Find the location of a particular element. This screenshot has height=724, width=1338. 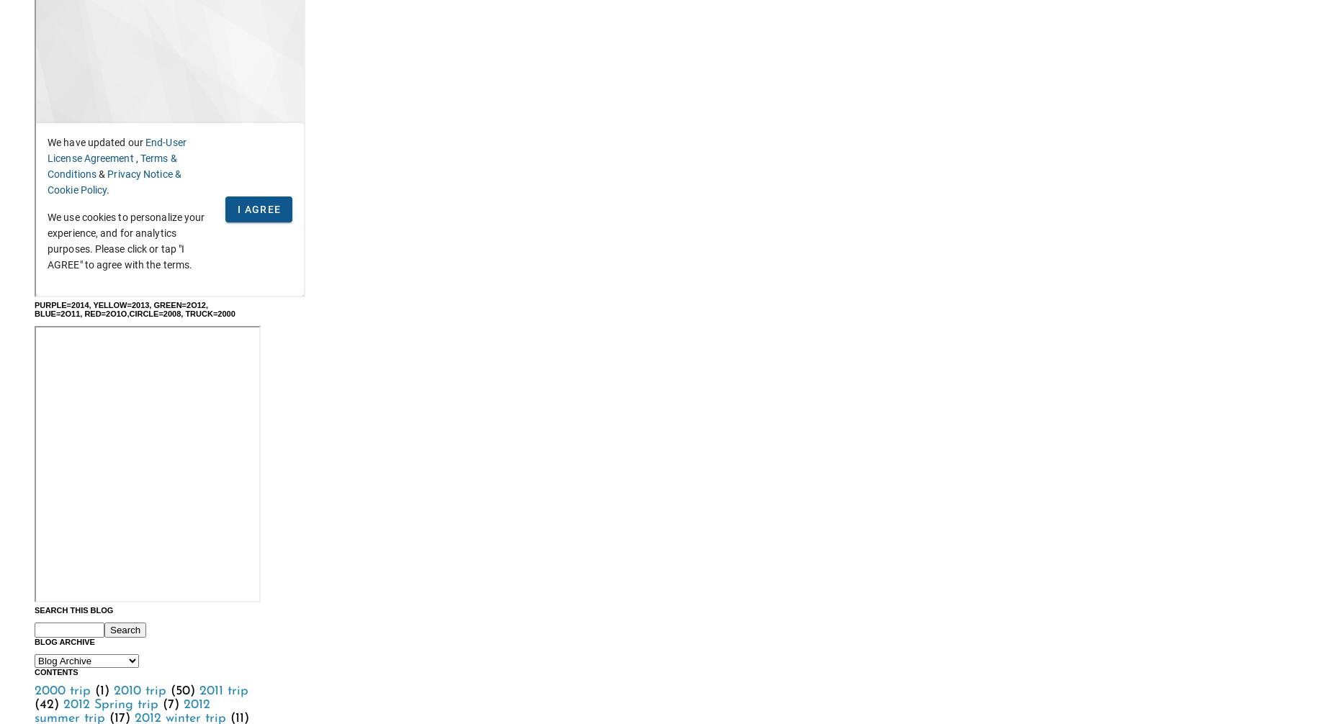

'2010 trip' is located at coordinates (139, 689).